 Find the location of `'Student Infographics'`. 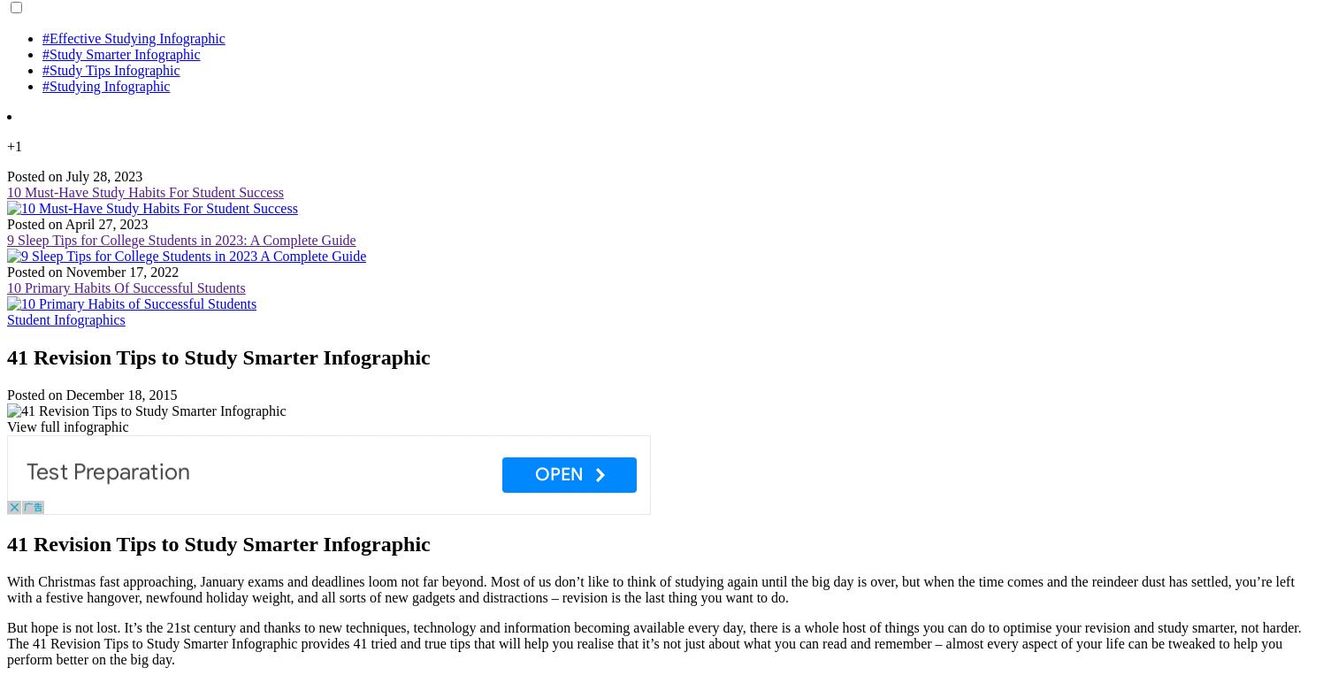

'Student Infographics' is located at coordinates (65, 318).